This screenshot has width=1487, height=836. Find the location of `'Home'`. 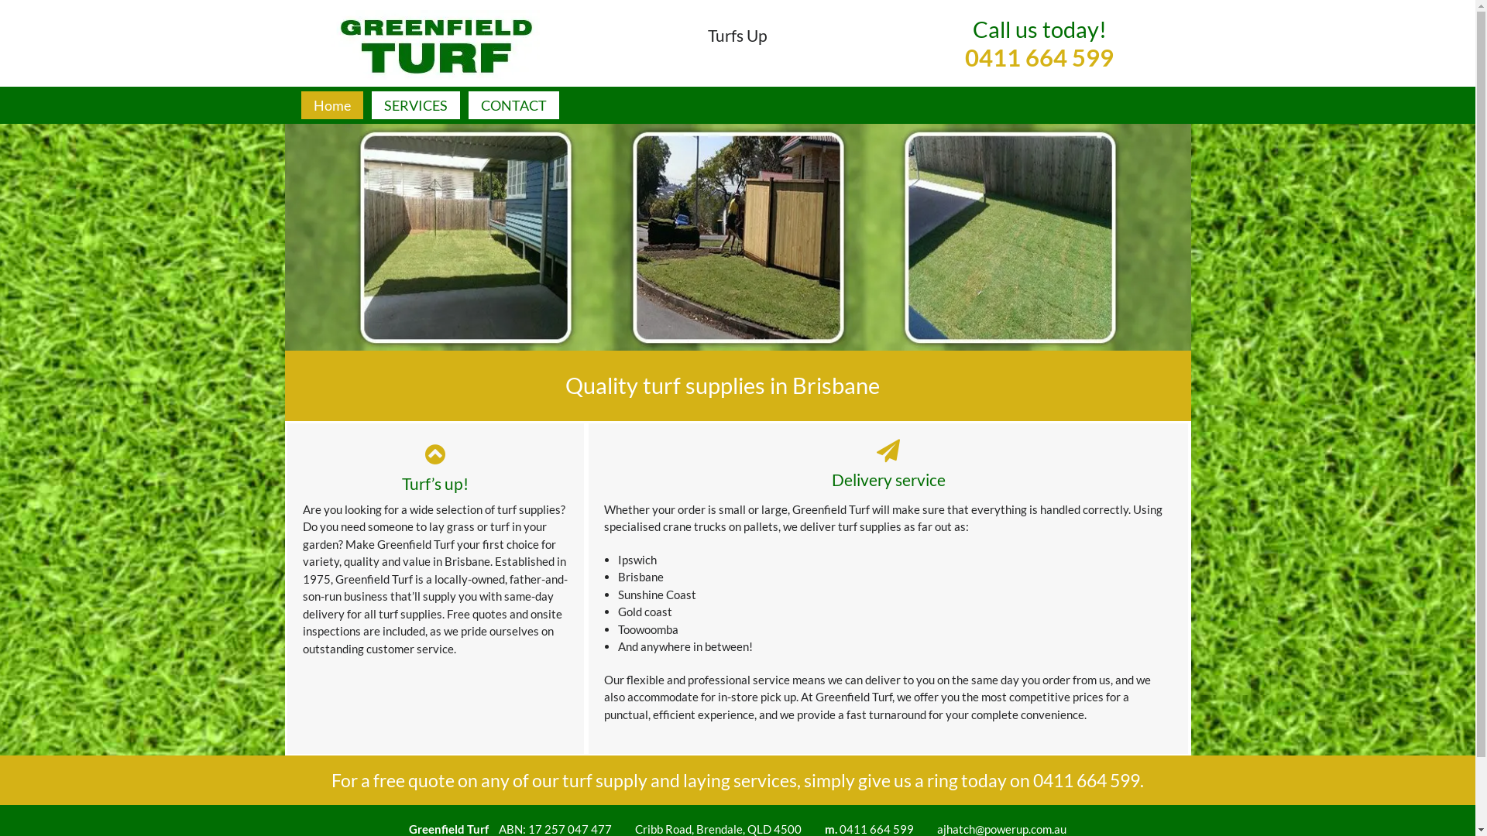

'Home' is located at coordinates (330, 104).